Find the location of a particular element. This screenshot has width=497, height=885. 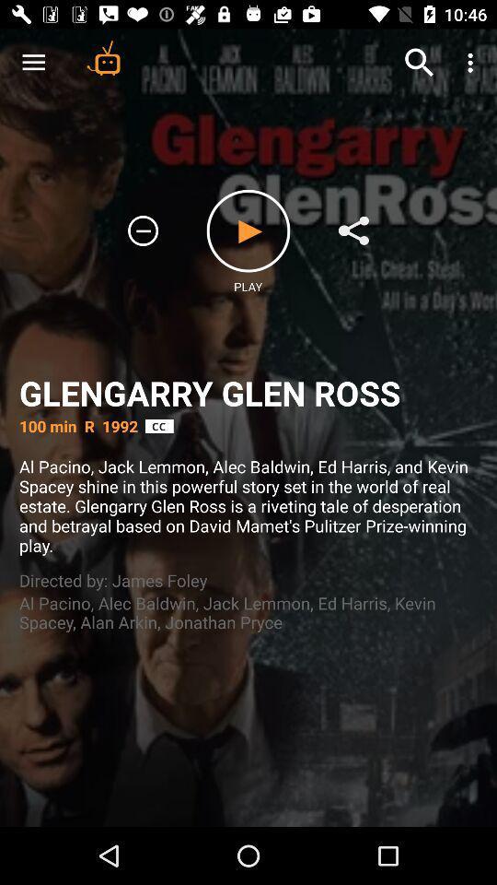

the play icon is located at coordinates (248, 230).